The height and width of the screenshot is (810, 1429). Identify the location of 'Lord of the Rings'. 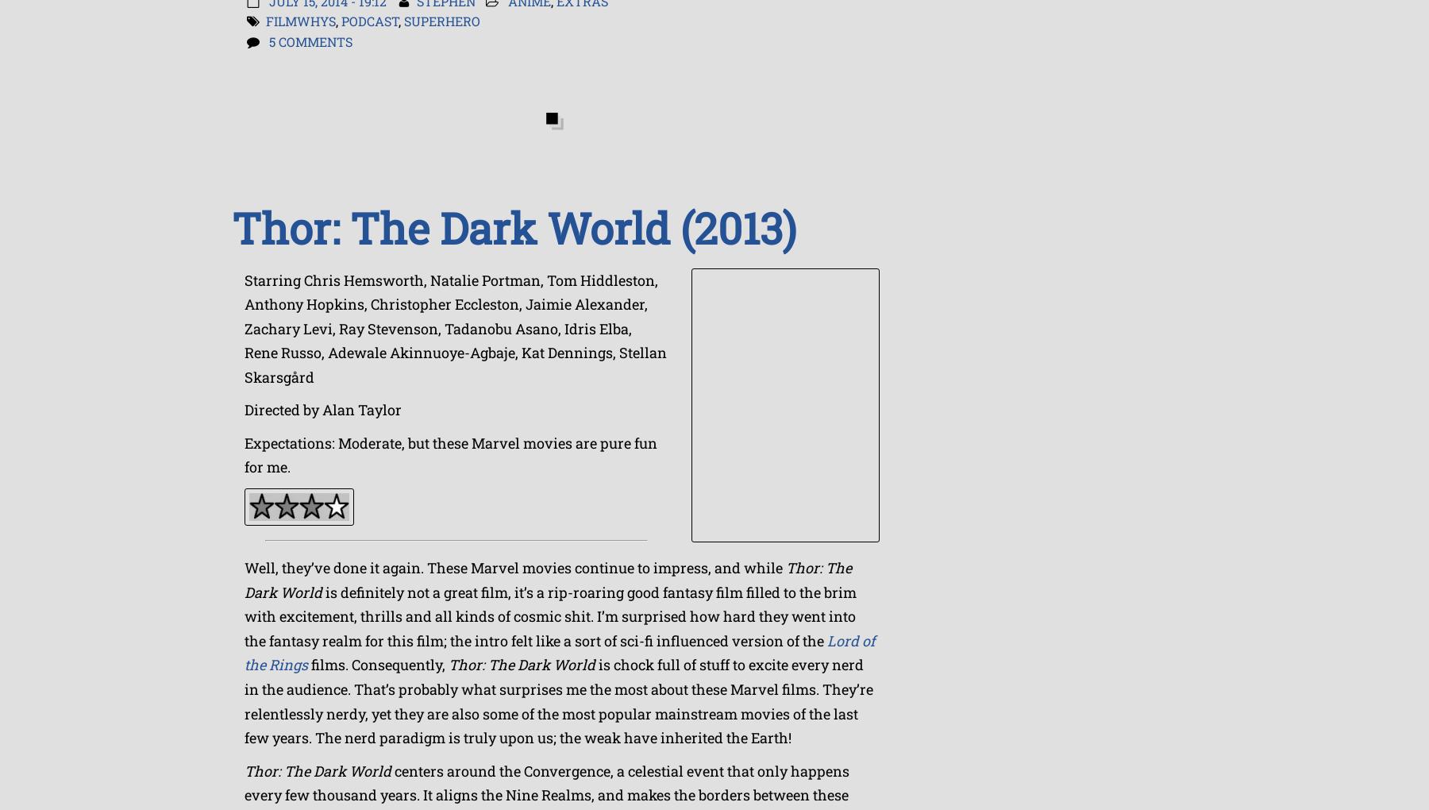
(559, 652).